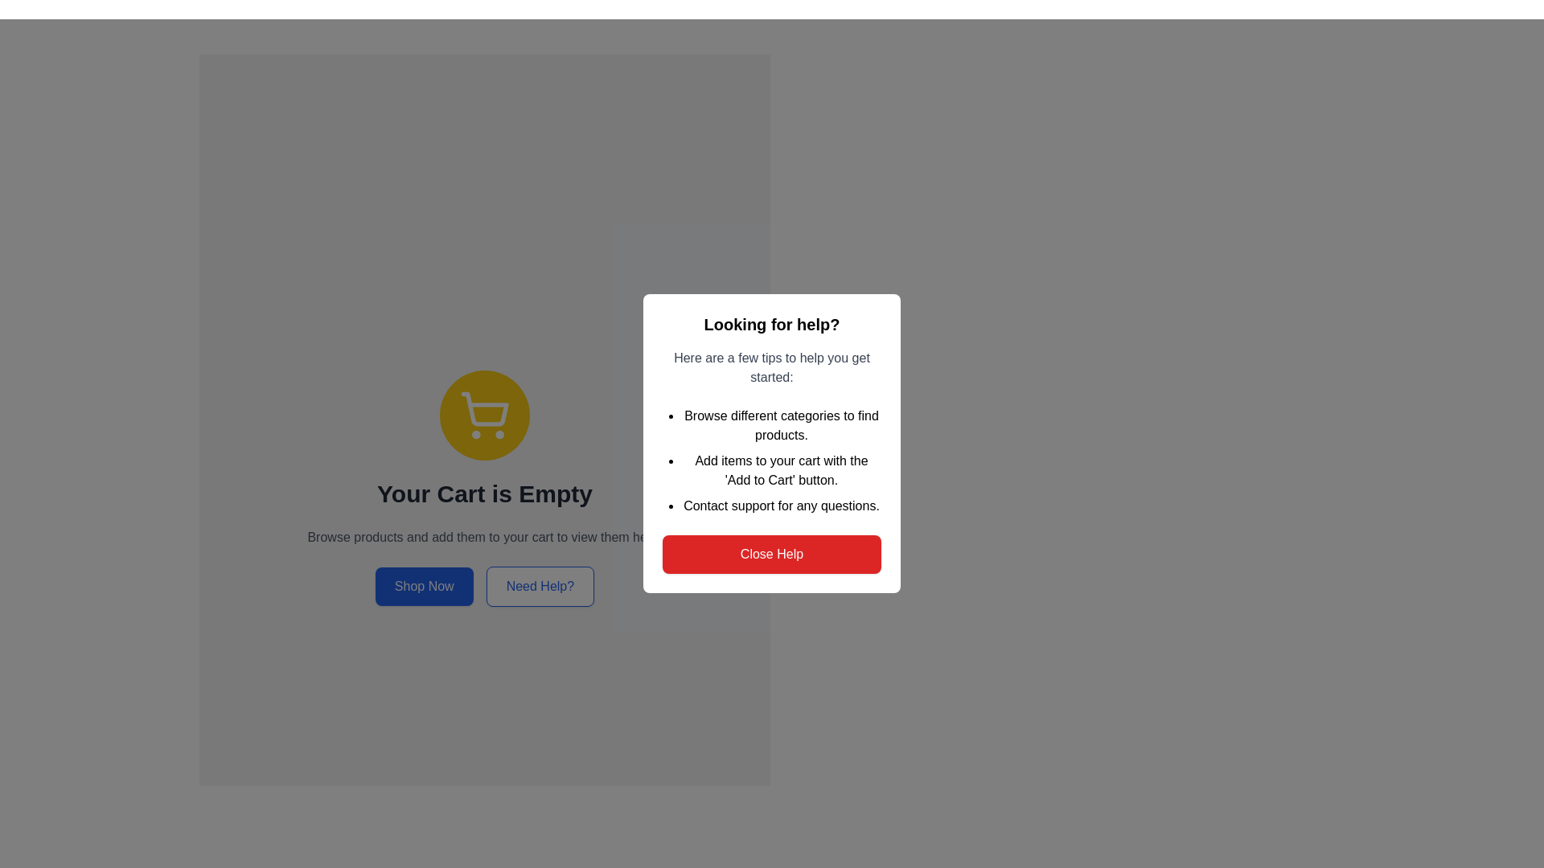  What do you see at coordinates (540, 586) in the screenshot?
I see `the 'Need Help?' button, which is styled with blue text on a white background and is the second button in the group near the bottom of the 'Your Cart is Empty' message interface` at bounding box center [540, 586].